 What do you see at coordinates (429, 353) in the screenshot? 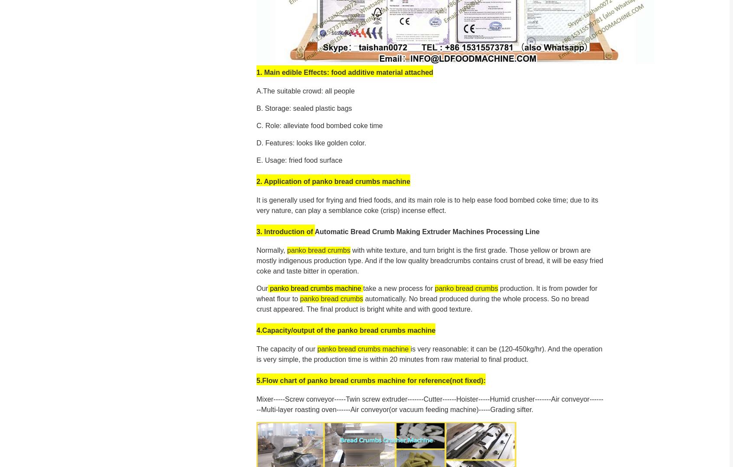
I see `'is very reasonable: it can be (120-450kg/hr). And the operation is very simple, the production time is within 20 minutes from raw material to final product.'` at bounding box center [429, 353].